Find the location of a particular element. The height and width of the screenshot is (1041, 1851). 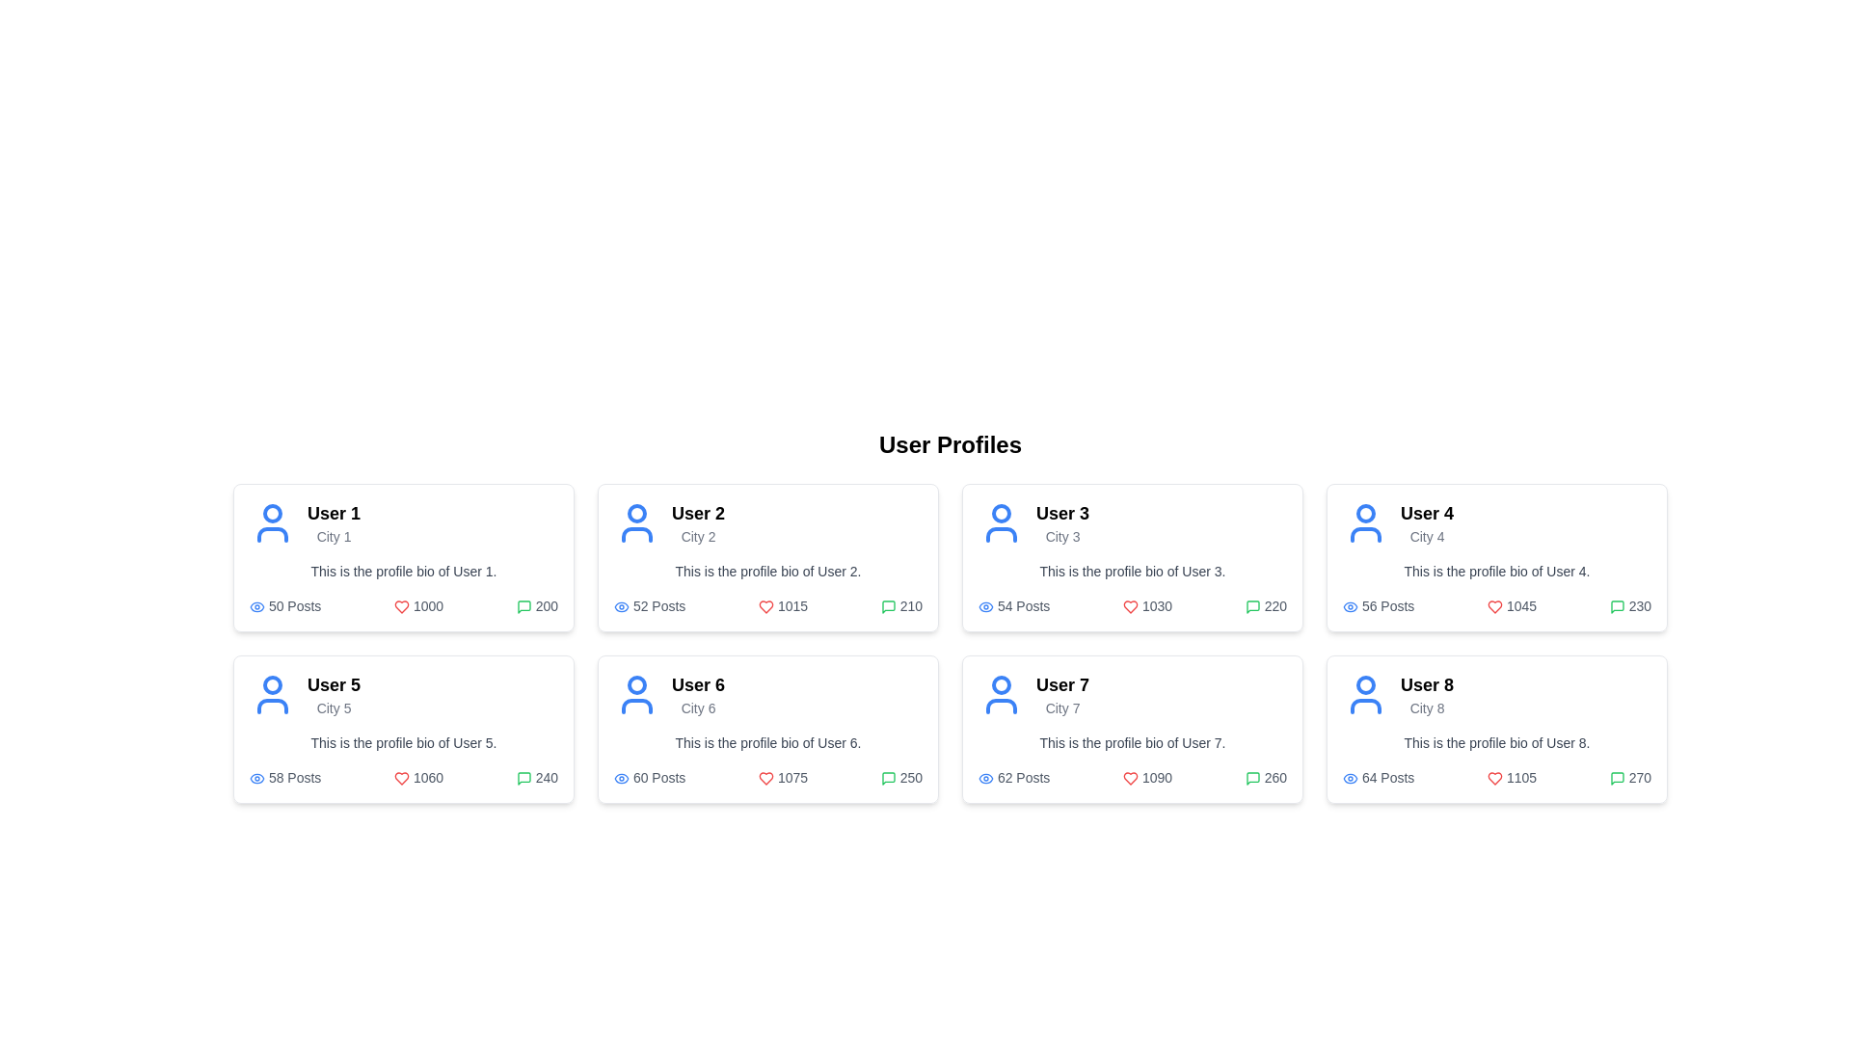

the bio text for 'User 1' located in the user profile card, which is the third text element from the top, situated below the user's name and city information is located at coordinates (402, 571).